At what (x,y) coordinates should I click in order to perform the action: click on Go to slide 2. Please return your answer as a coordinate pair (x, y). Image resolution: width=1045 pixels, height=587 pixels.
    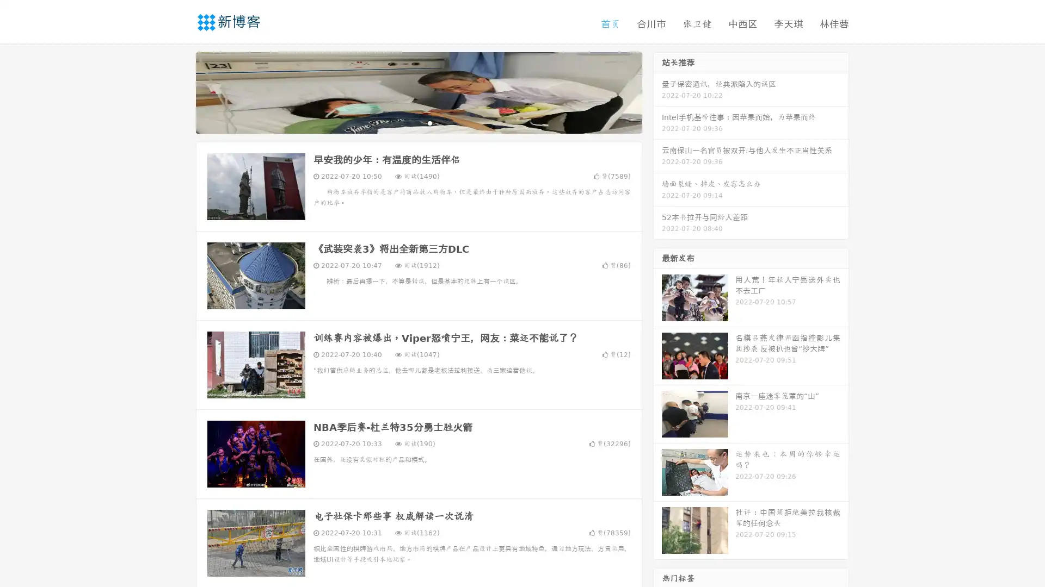
    Looking at the image, I should click on (418, 122).